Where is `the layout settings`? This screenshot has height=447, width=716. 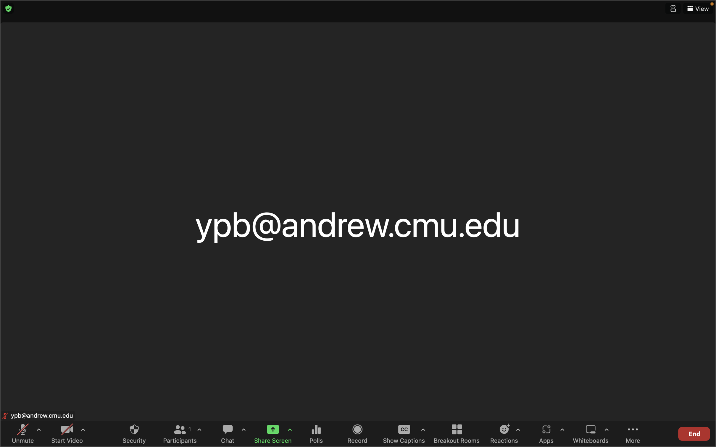 the layout settings is located at coordinates (698, 9).